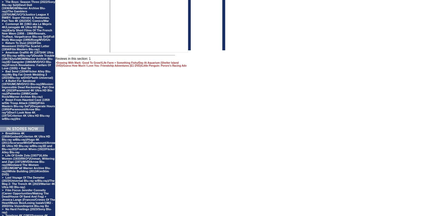 The width and height of the screenshot is (422, 216). What do you see at coordinates (28, 89) in the screenshot?
I see `'A Bullet For Sandoval (1970/UMC/MVD/VCI Blu-ray)/Mission: Impossible Dead Reckoning, Part One 4K (2023/Paramount 4K Ultra HD Blu-ray)/Palmetto (1998/Castle Rock/Warner Archive Blu-ray)'` at bounding box center [28, 89].